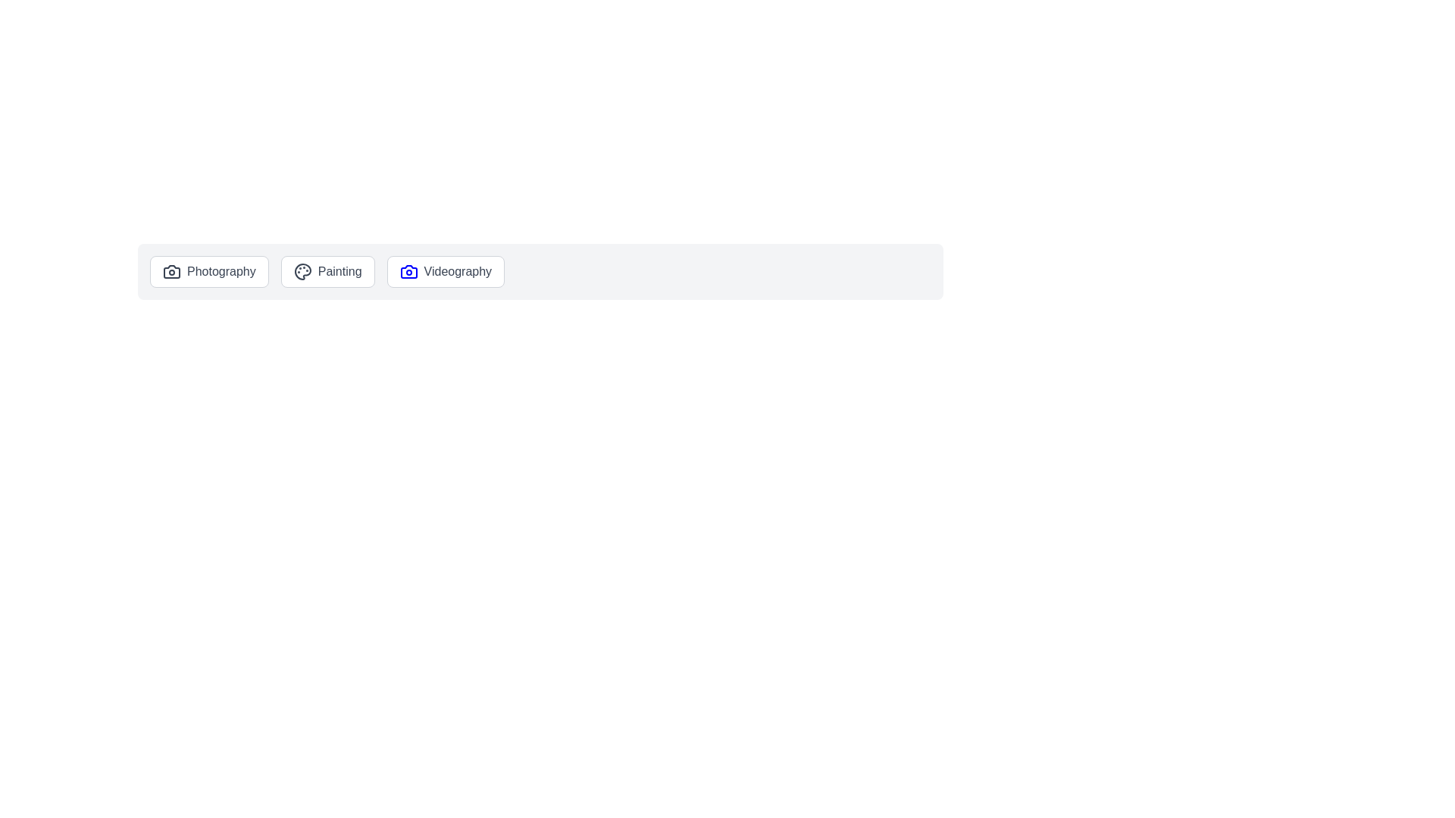 This screenshot has width=1455, height=818. I want to click on the chip labeled Photography to observe its hover effects, so click(208, 270).